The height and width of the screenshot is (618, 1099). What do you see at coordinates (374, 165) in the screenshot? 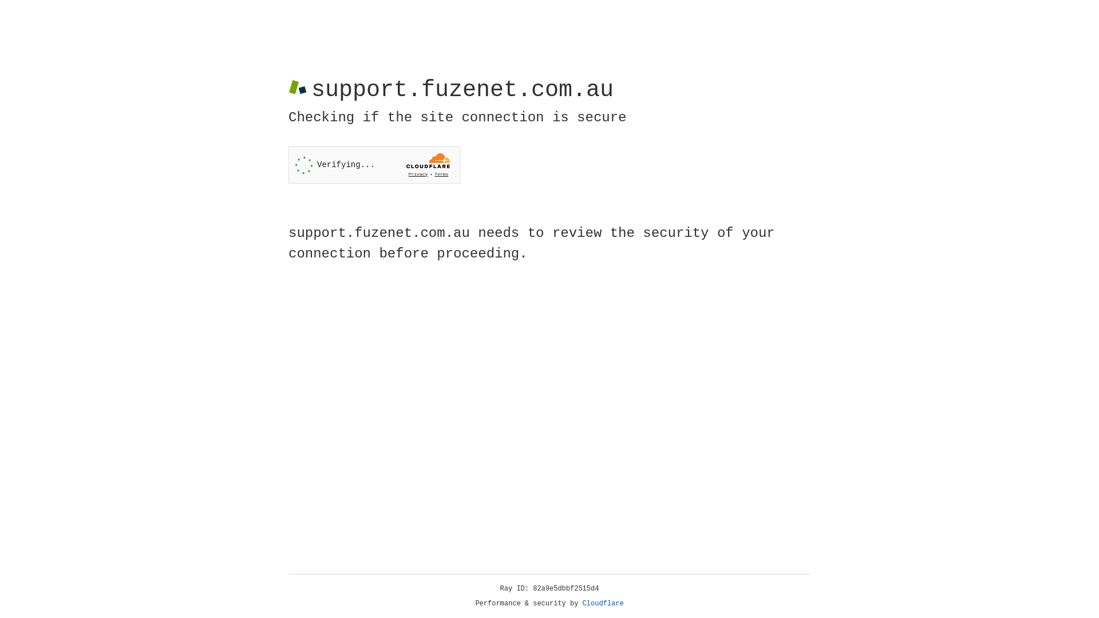
I see `'Widget containing a Cloudflare security challenge'` at bounding box center [374, 165].